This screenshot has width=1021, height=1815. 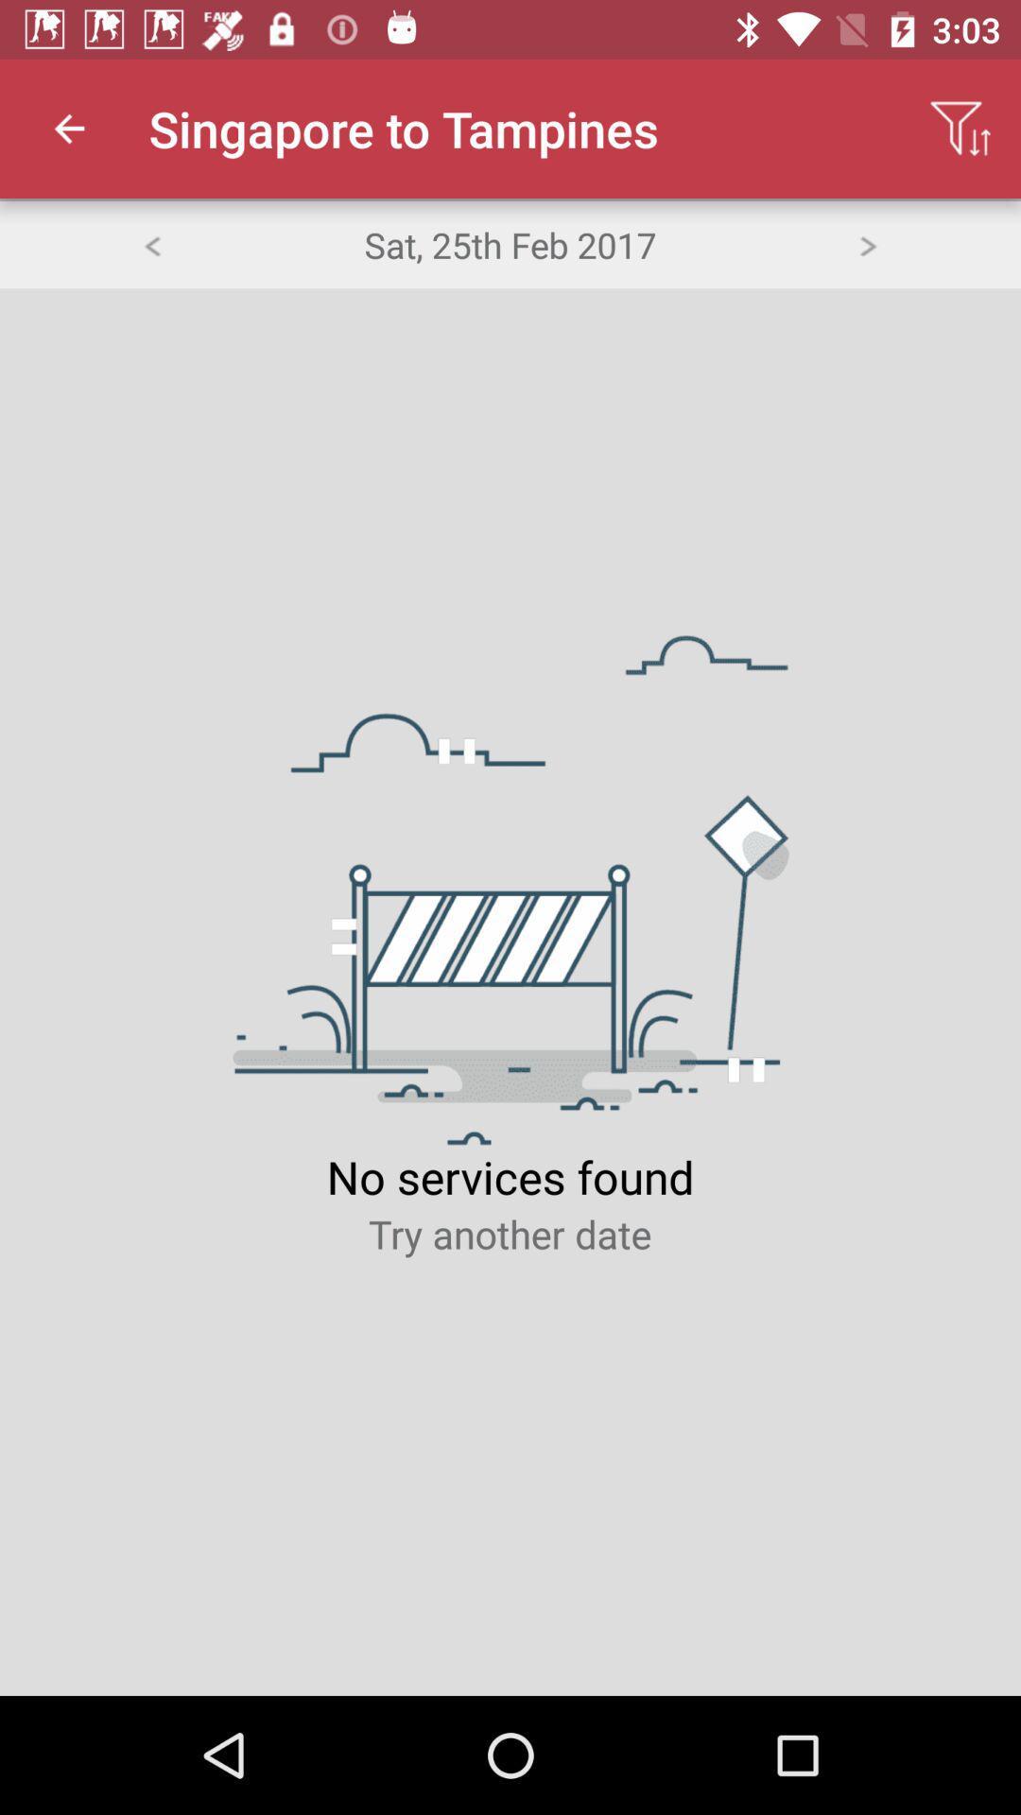 I want to click on item next to the sat 25th feb, so click(x=868, y=243).